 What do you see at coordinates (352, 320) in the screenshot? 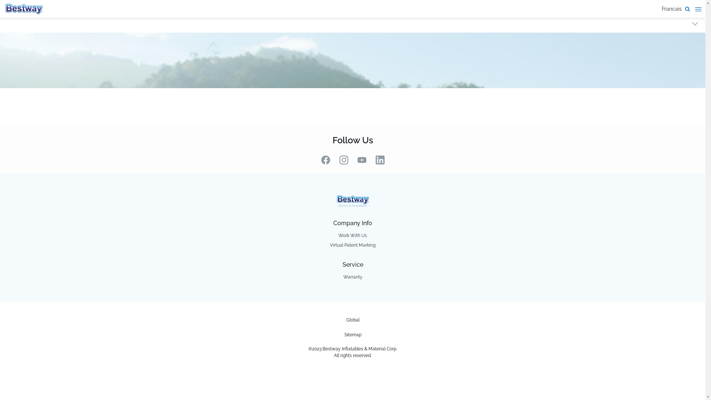
I see `'Global'` at bounding box center [352, 320].